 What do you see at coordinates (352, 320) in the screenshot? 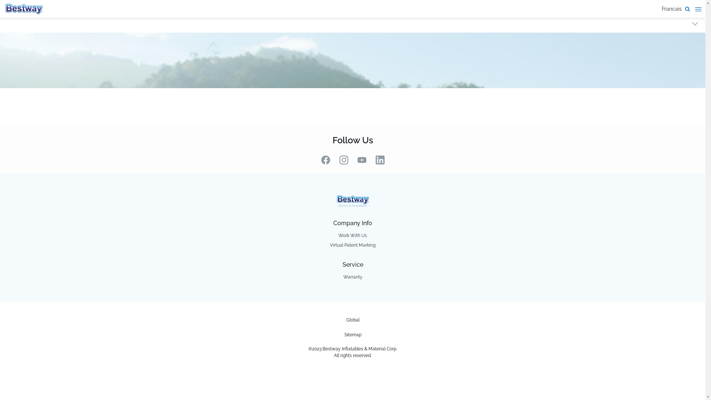
I see `'Global'` at bounding box center [352, 320].